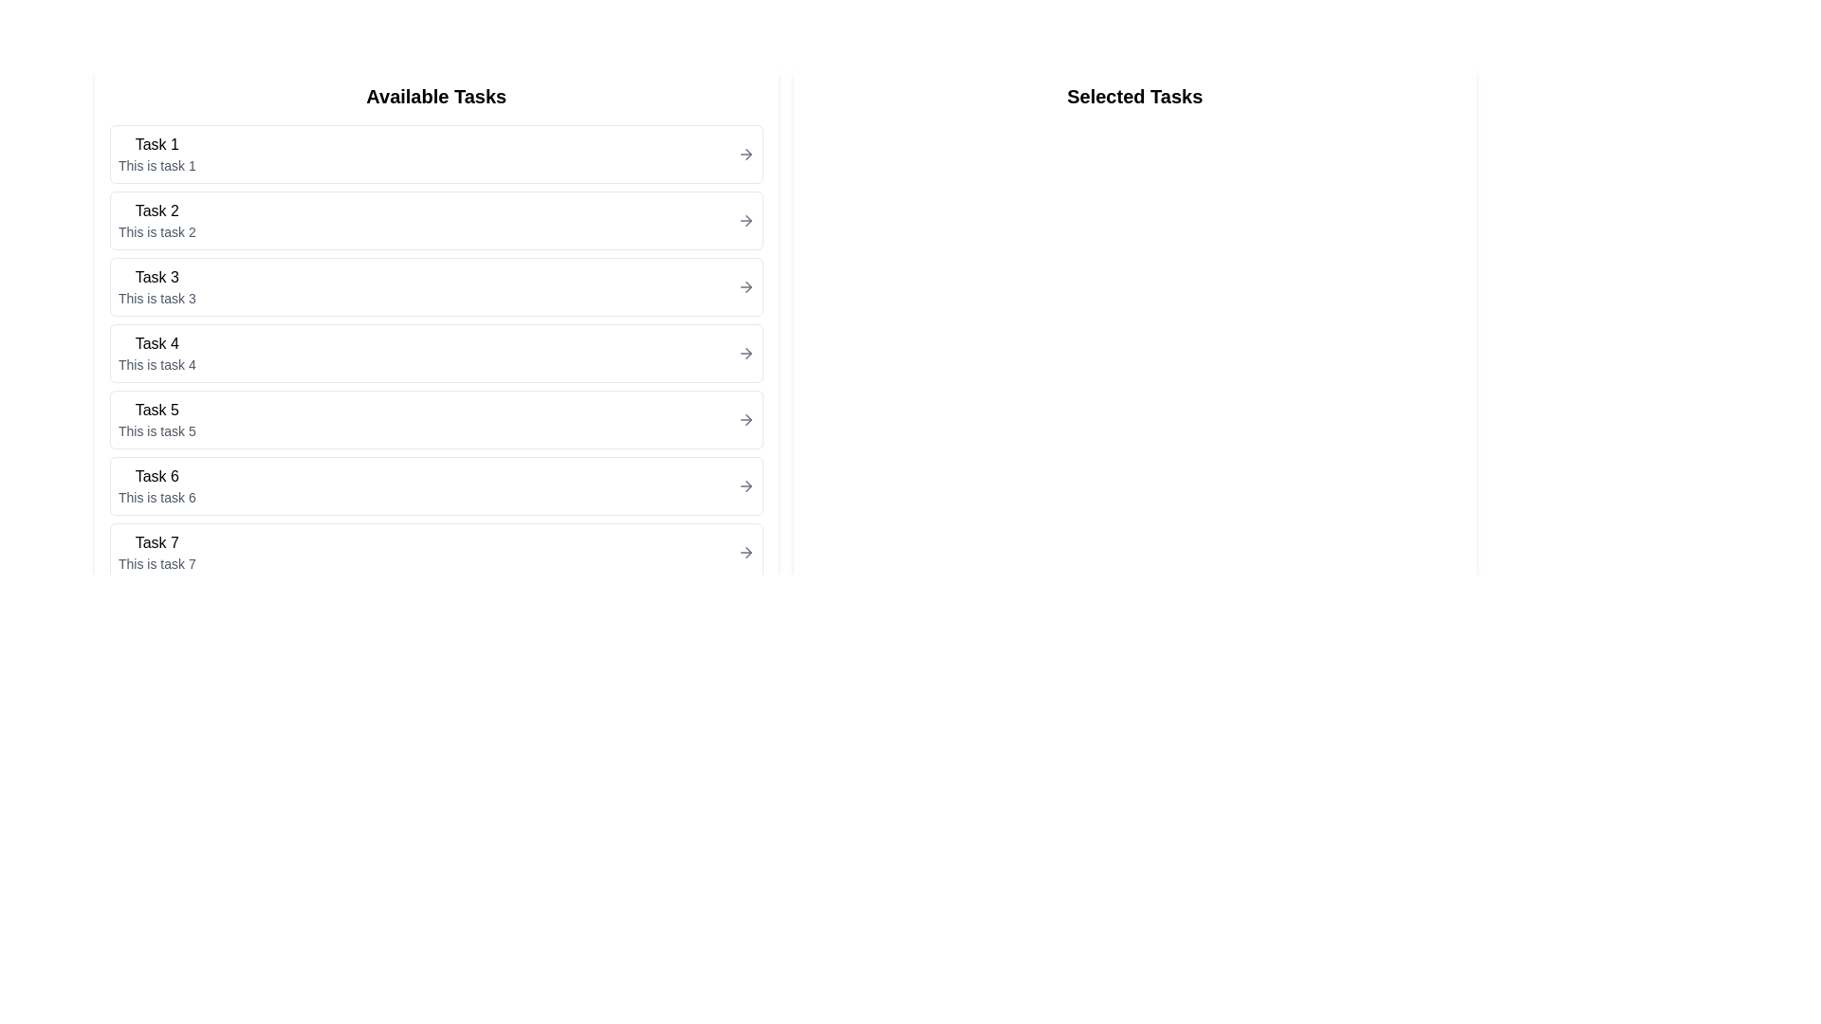 The width and height of the screenshot is (1821, 1024). Describe the element at coordinates (745, 419) in the screenshot. I see `the icon button located at the far-right end of the 'Task 5' block to proceed to the next step or page` at that location.